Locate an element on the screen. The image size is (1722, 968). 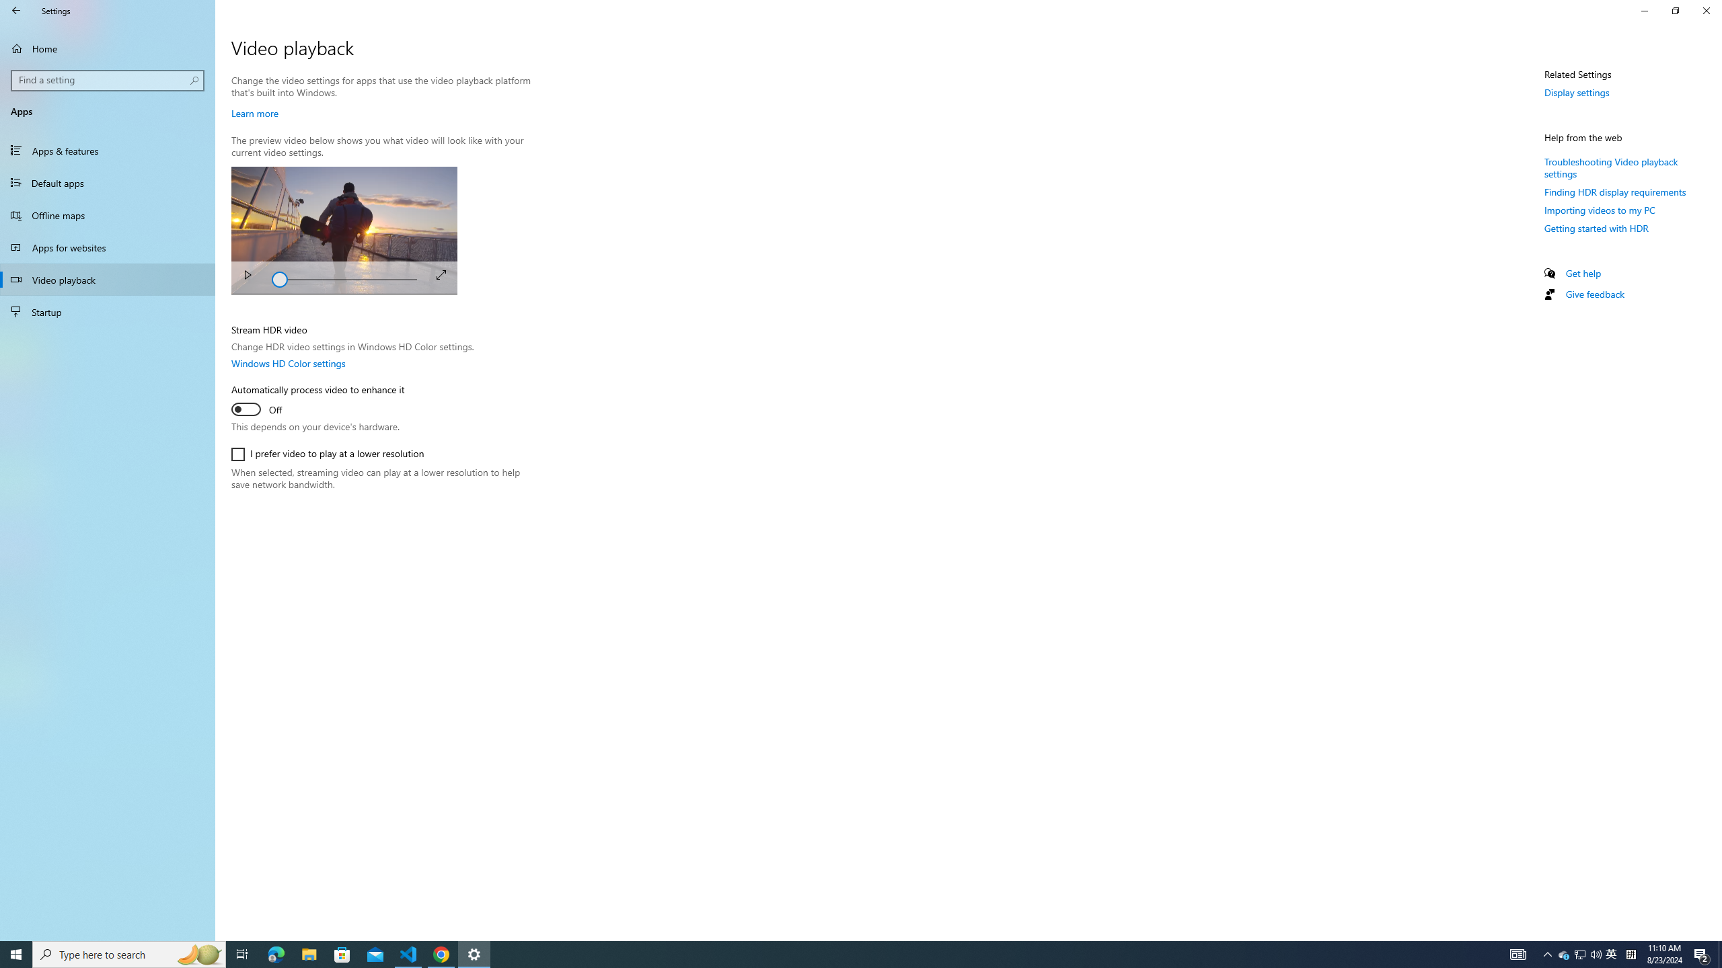
'Video playback' is located at coordinates (107, 279).